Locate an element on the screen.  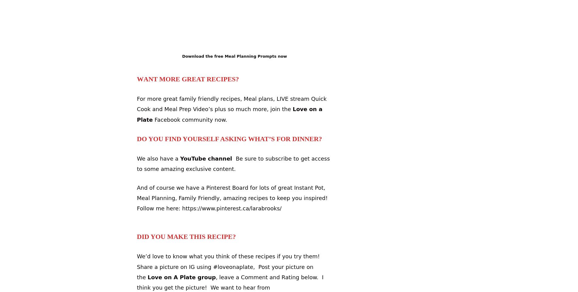
'Love on A Plate group' is located at coordinates (181, 277).